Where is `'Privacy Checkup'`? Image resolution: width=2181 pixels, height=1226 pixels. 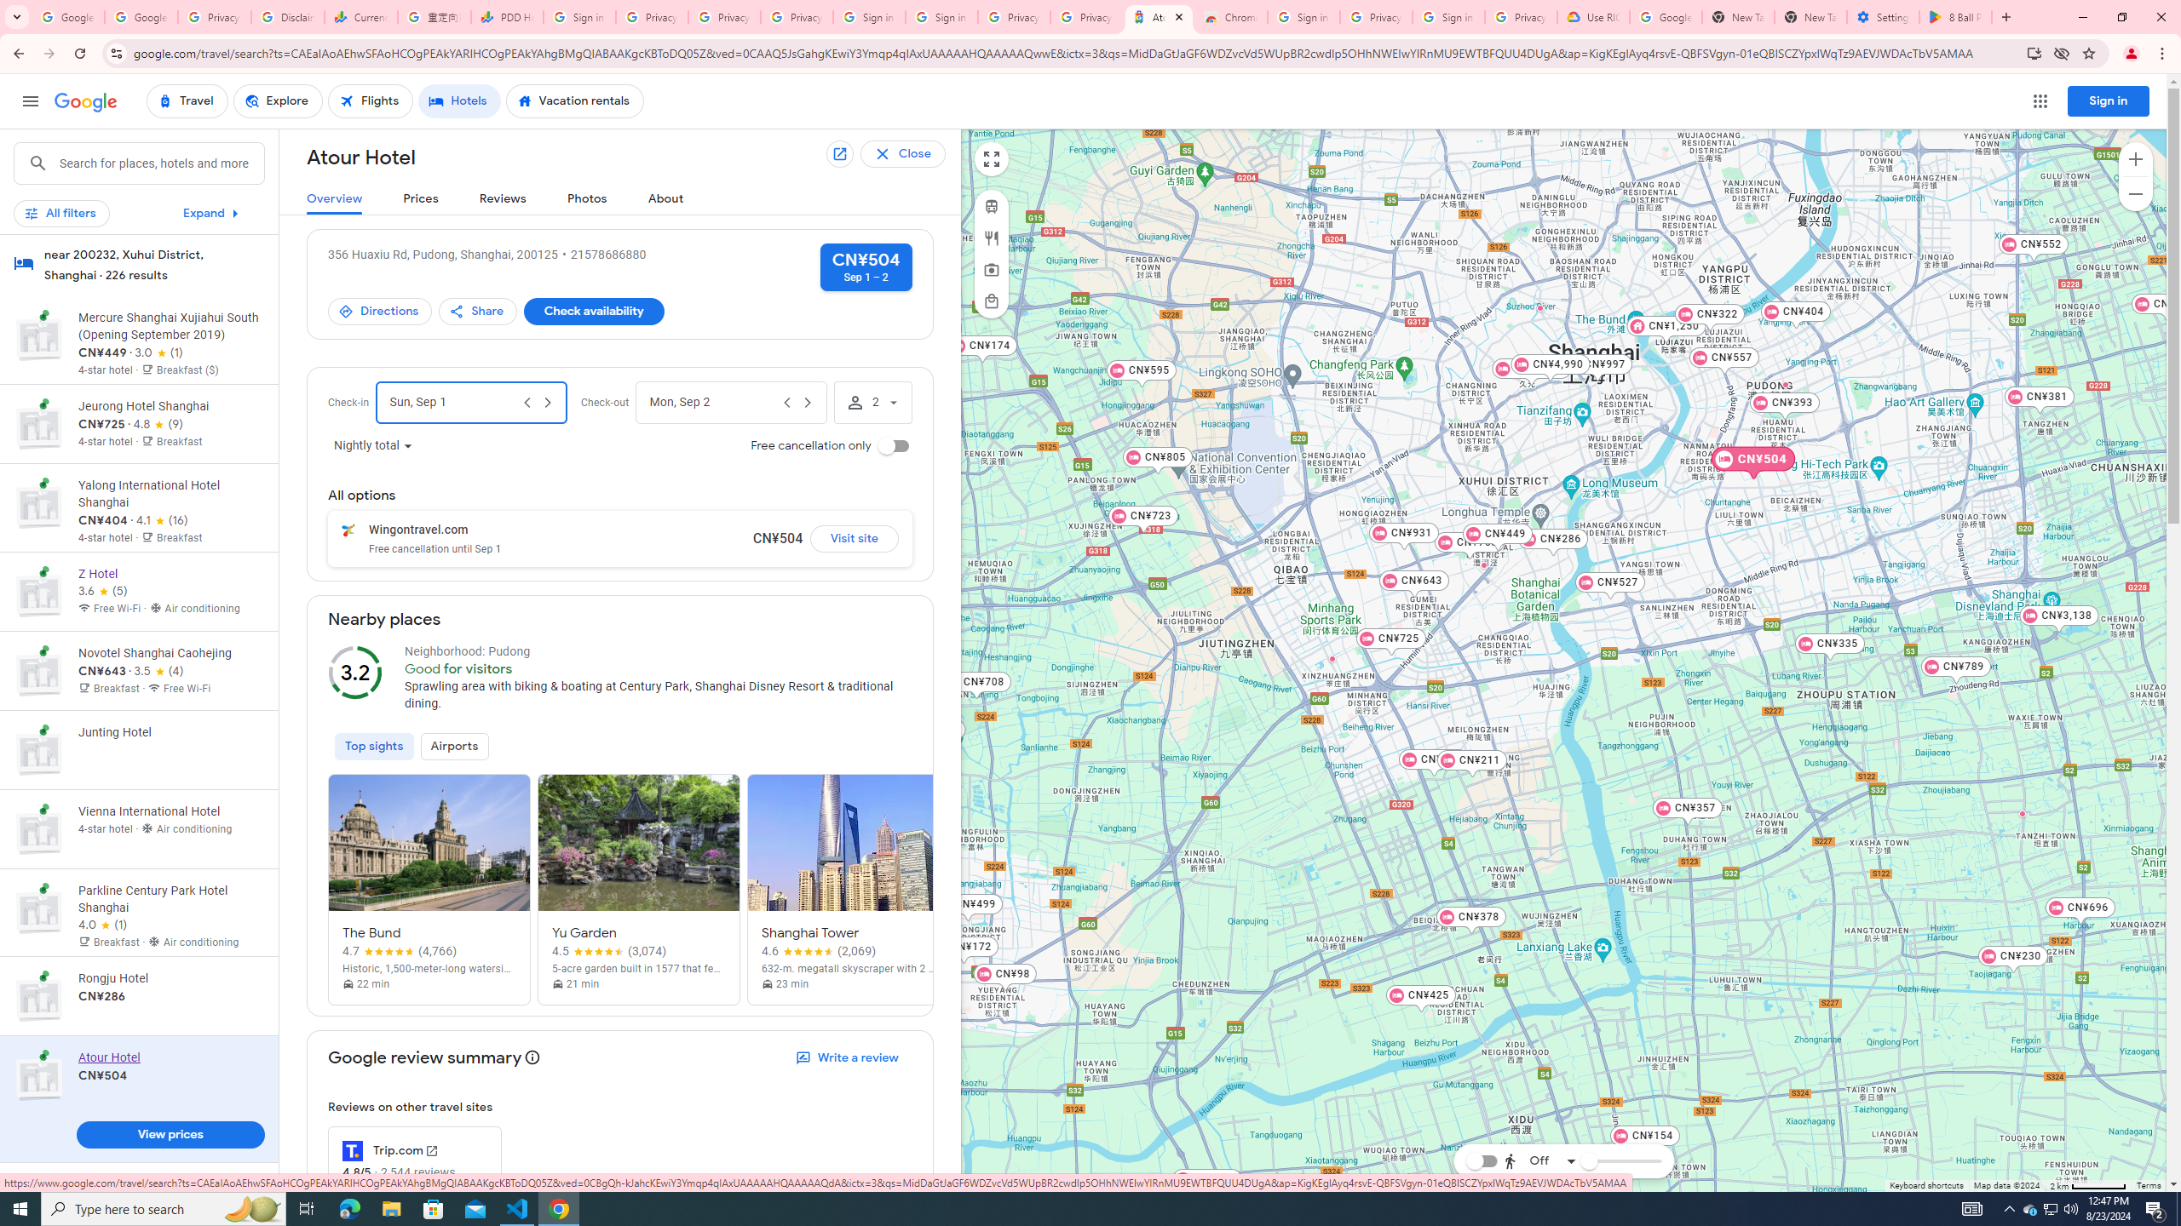
'Privacy Checkup' is located at coordinates (796, 16).